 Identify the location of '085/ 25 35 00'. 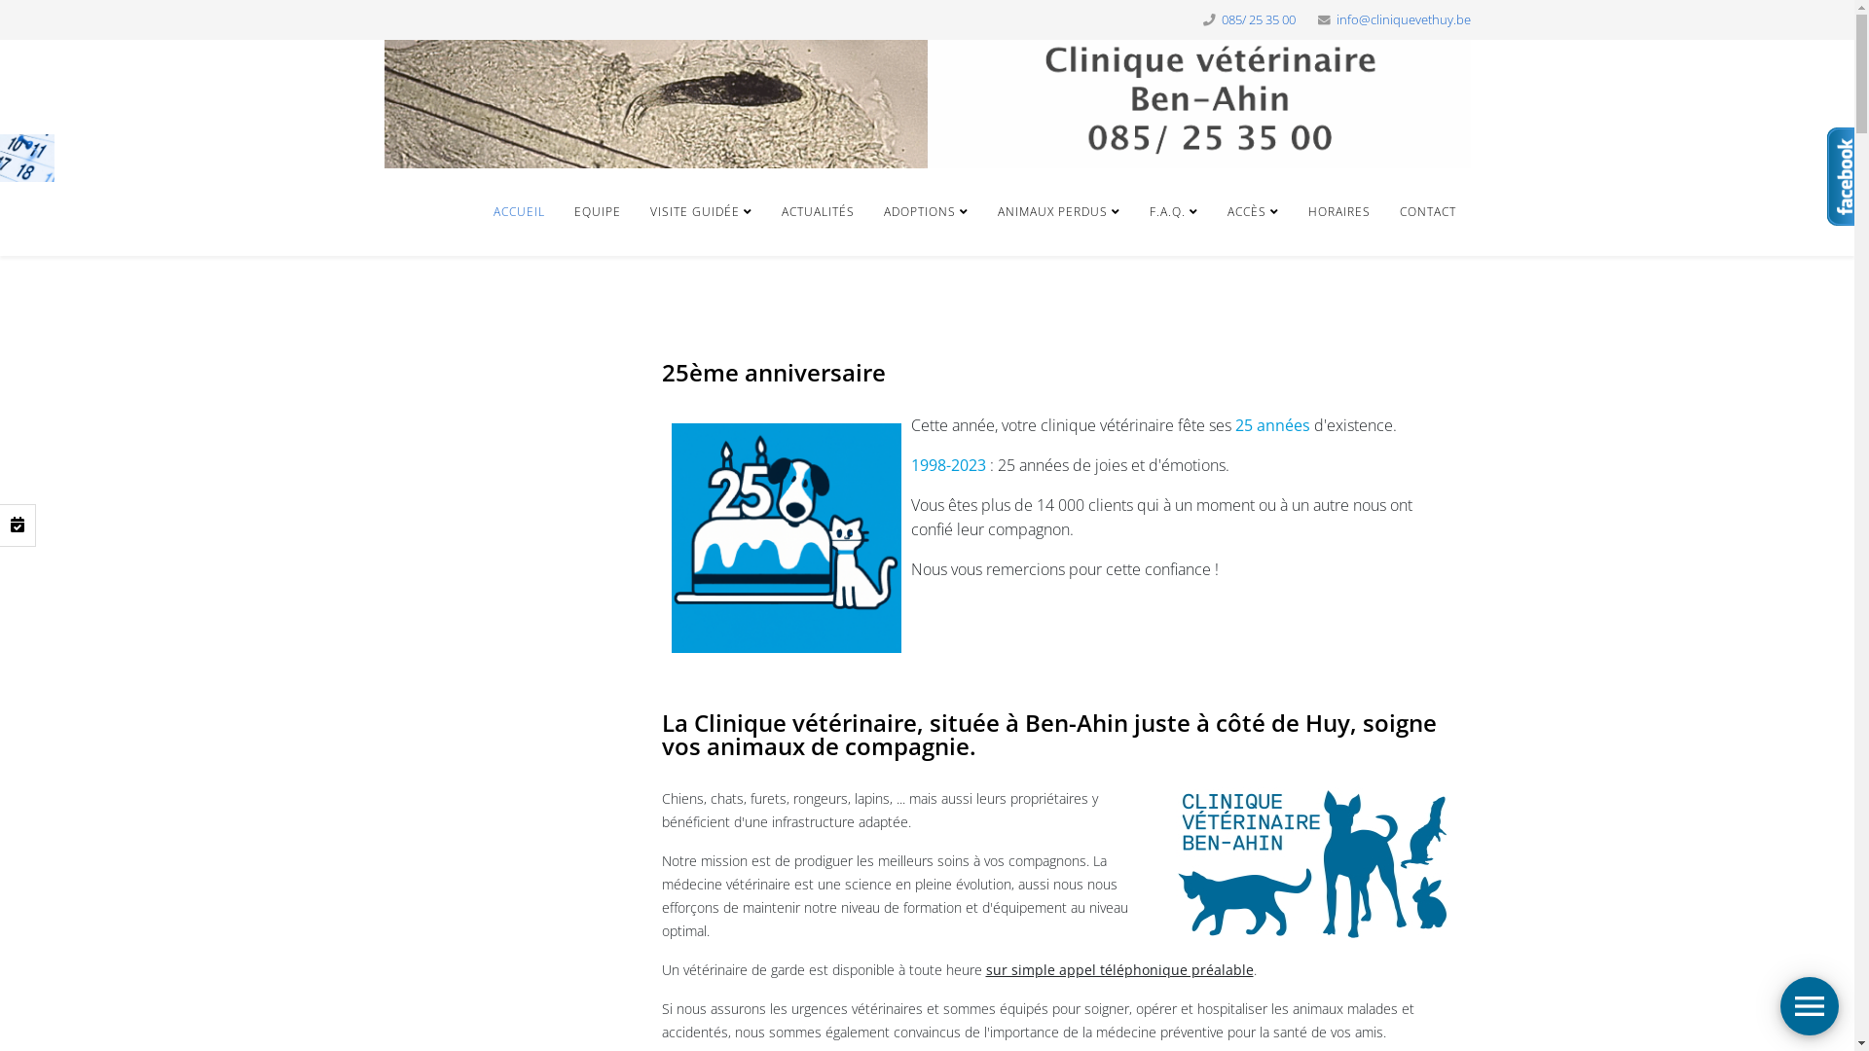
(1257, 19).